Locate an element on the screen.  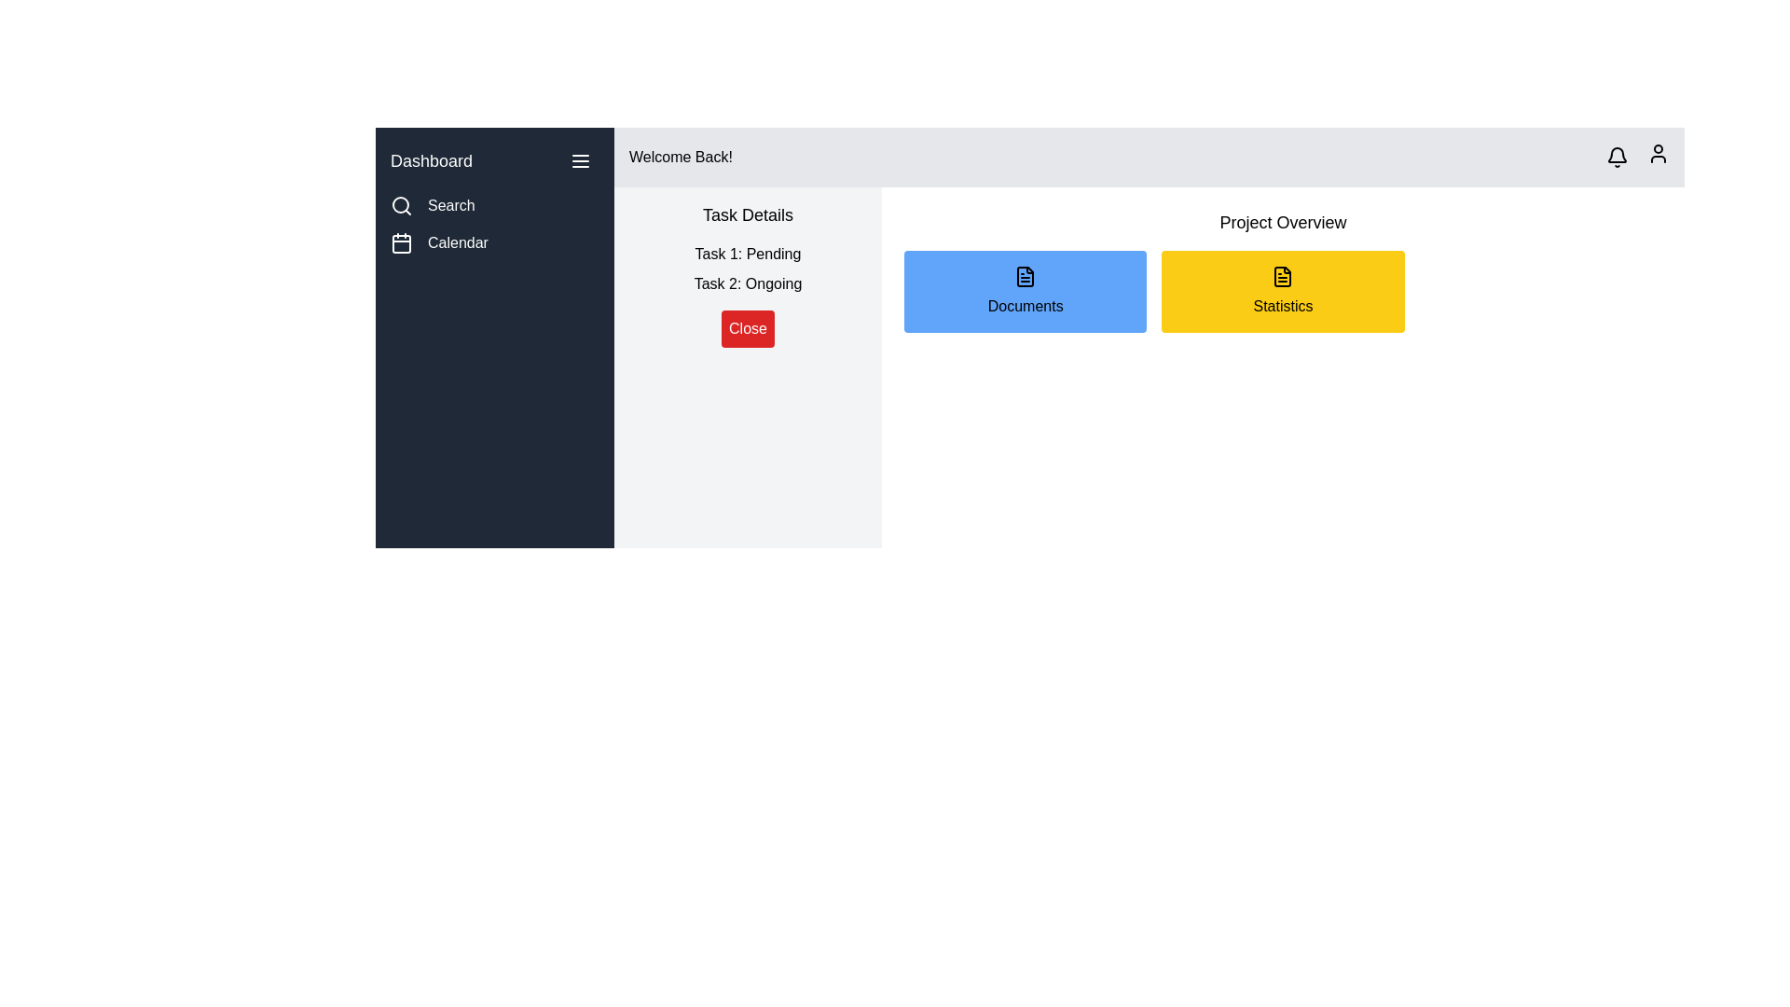
the menu grouping located in the sidebar, positioned directly below the 'Dashboard' title is located at coordinates (495, 223).